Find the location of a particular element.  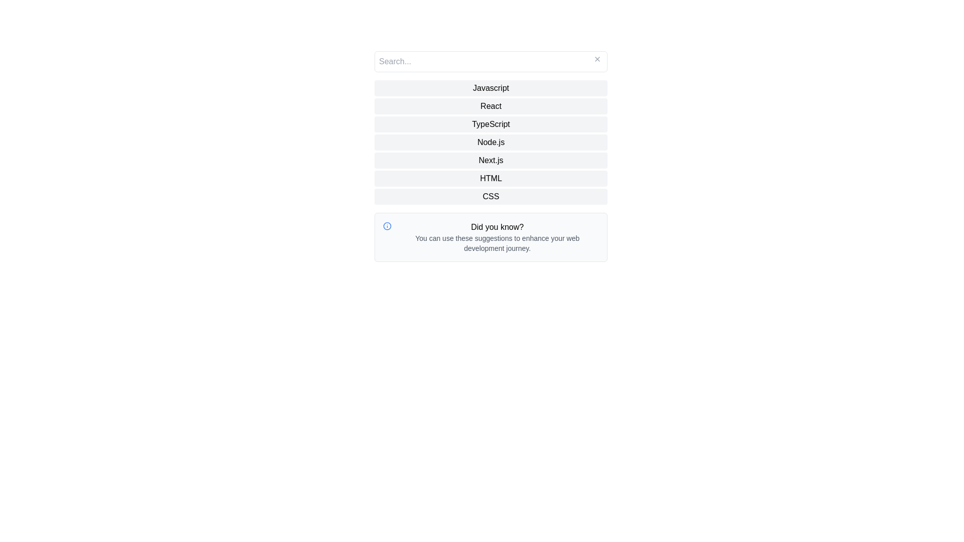

header text that serves as an introductory title, located above the text 'You can use these suggestions to enhance your web development journey.' is located at coordinates (497, 227).